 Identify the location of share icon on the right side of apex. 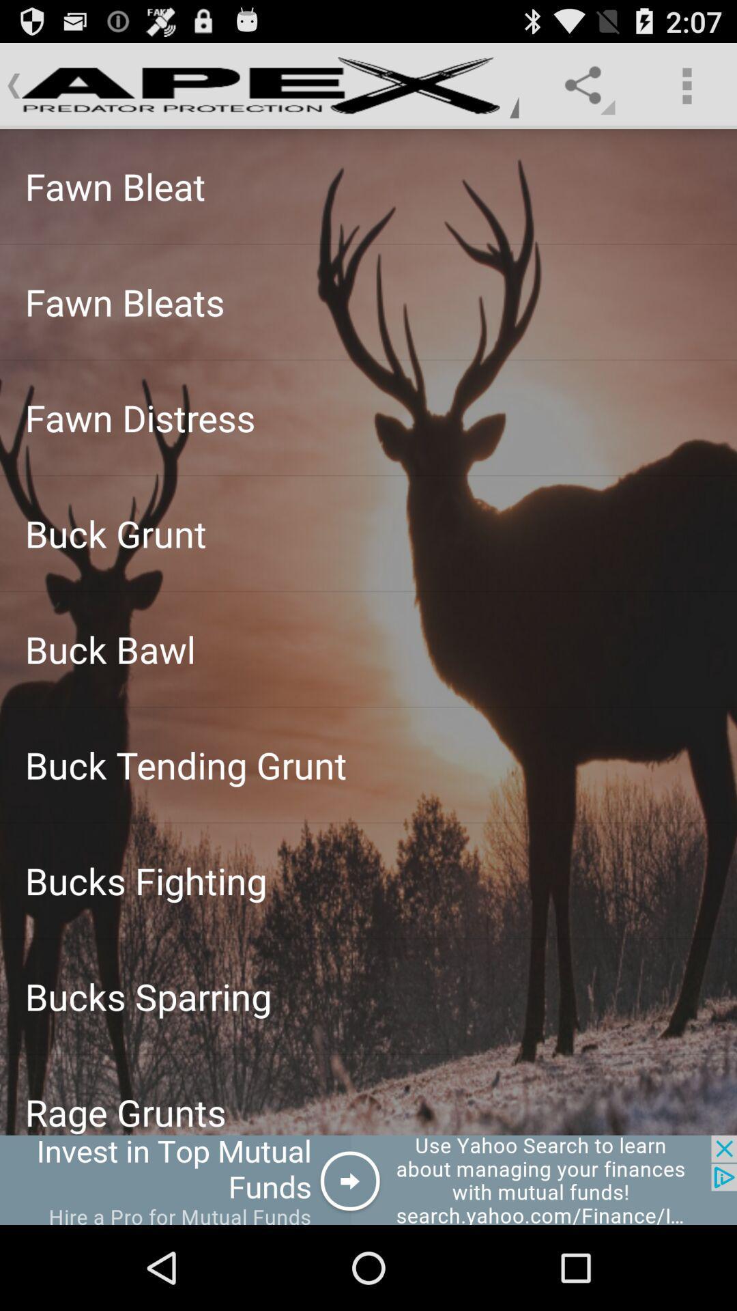
(586, 85).